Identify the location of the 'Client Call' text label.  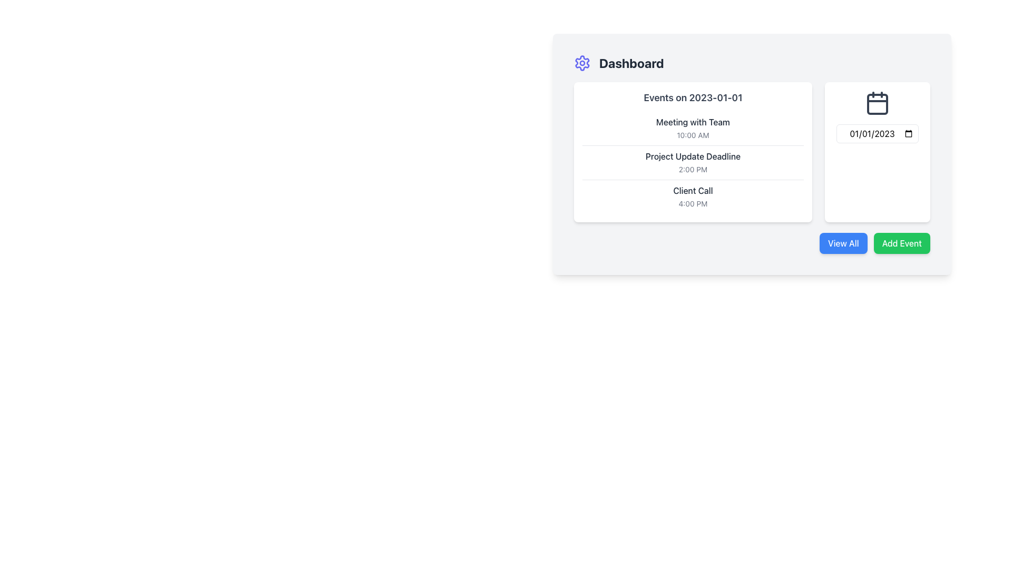
(693, 191).